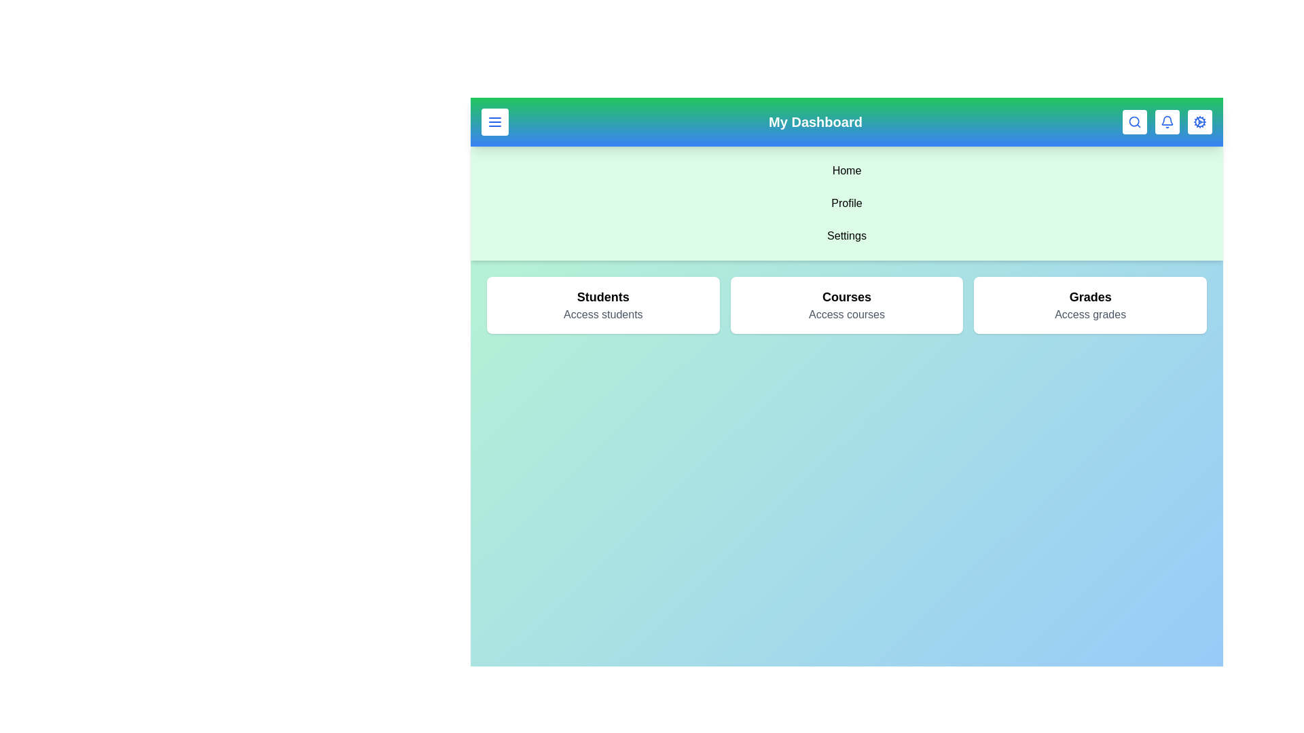 The image size is (1304, 733). Describe the element at coordinates (602, 305) in the screenshot. I see `the Students card in the main content area` at that location.